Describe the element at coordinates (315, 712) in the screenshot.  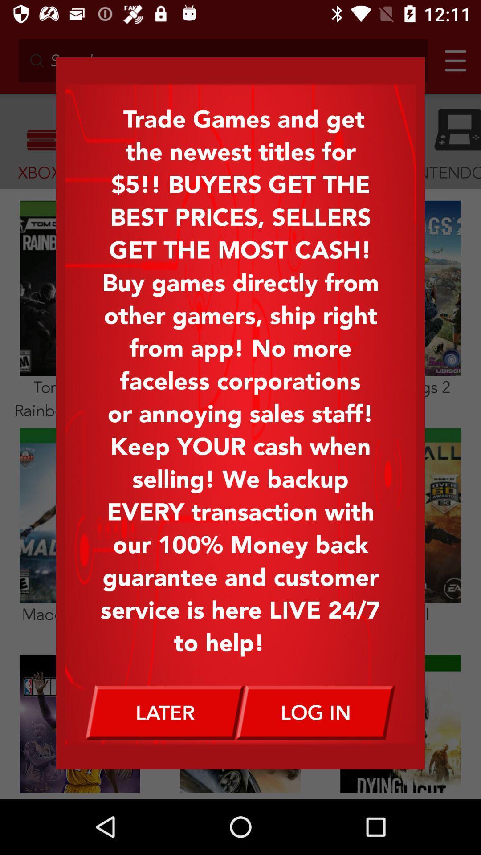
I see `the item below the trade games and item` at that location.